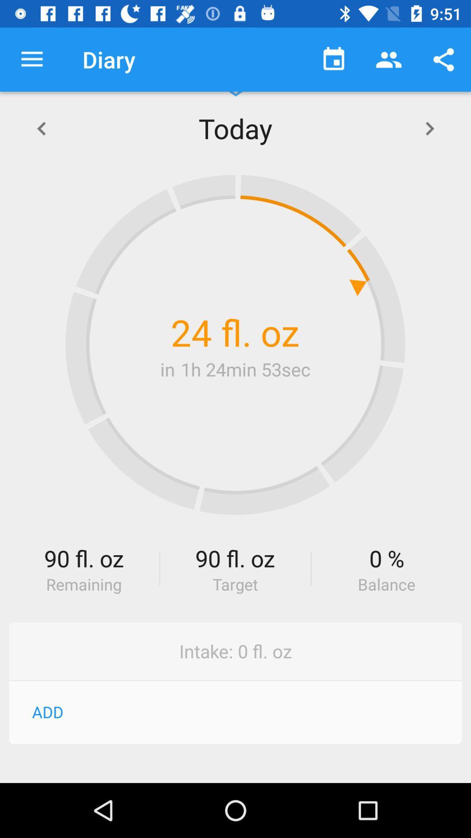 Image resolution: width=471 pixels, height=838 pixels. I want to click on the arrow_backward icon, so click(41, 127).